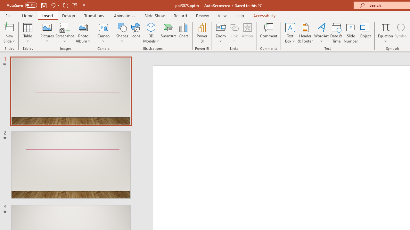  What do you see at coordinates (322, 33) in the screenshot?
I see `'WordArt'` at bounding box center [322, 33].